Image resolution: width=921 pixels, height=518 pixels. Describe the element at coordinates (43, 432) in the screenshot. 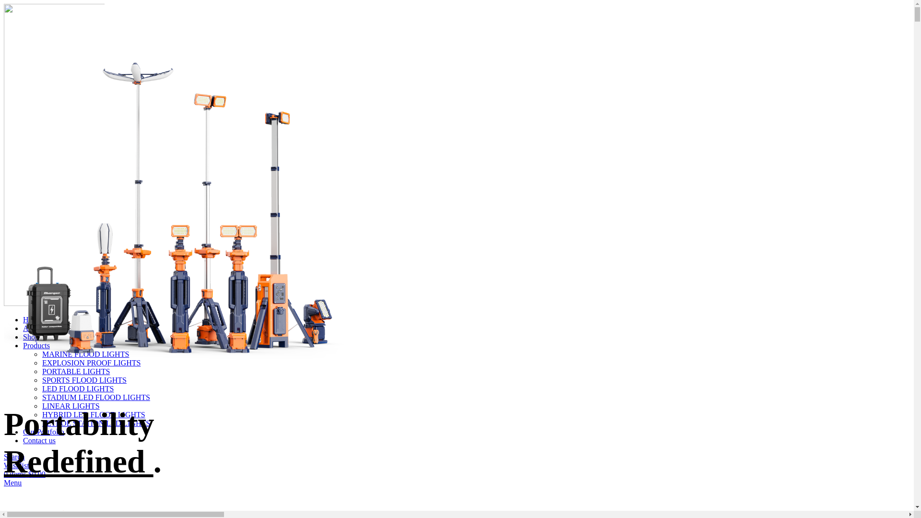

I see `'Our Portfolio'` at that location.